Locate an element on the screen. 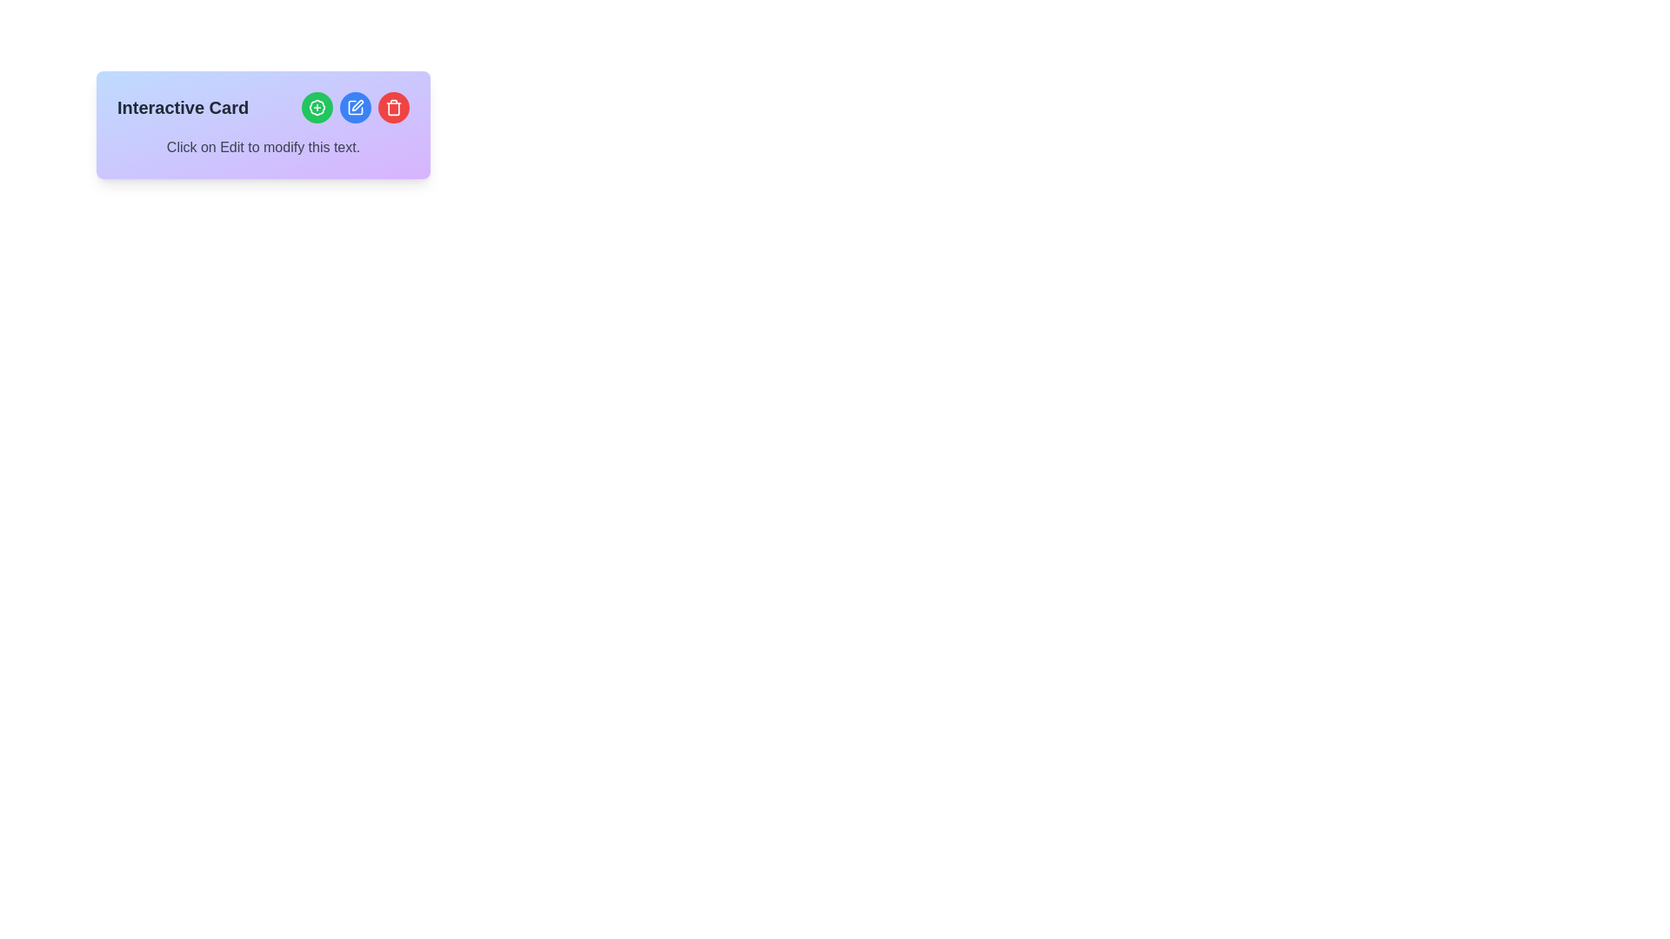 The image size is (1670, 939). the circular red button with a white border and trash can icon, located at the far right of the button group in the top-right of the 'Interactive Card.' is located at coordinates (392, 107).